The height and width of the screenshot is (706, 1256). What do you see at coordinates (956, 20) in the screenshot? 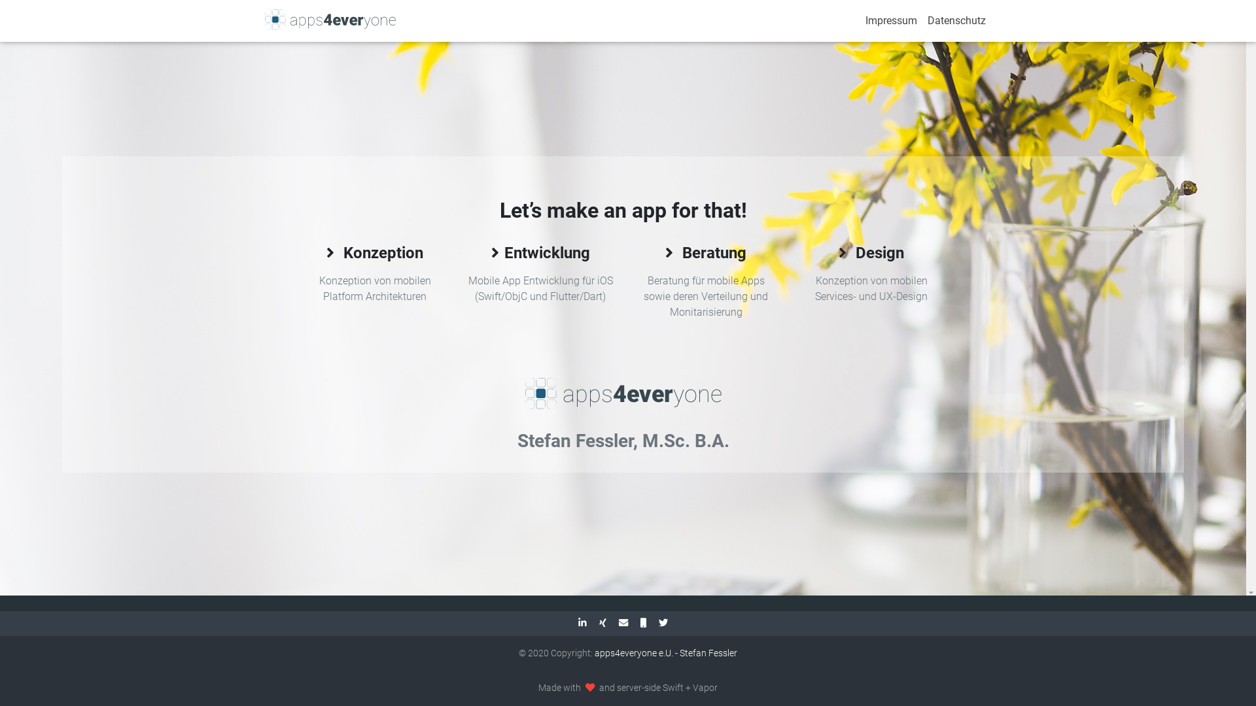
I see `'Datenschutz'` at bounding box center [956, 20].